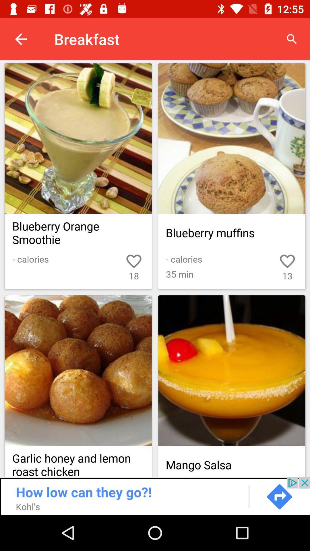 Image resolution: width=310 pixels, height=551 pixels. I want to click on to the food item, so click(231, 139).